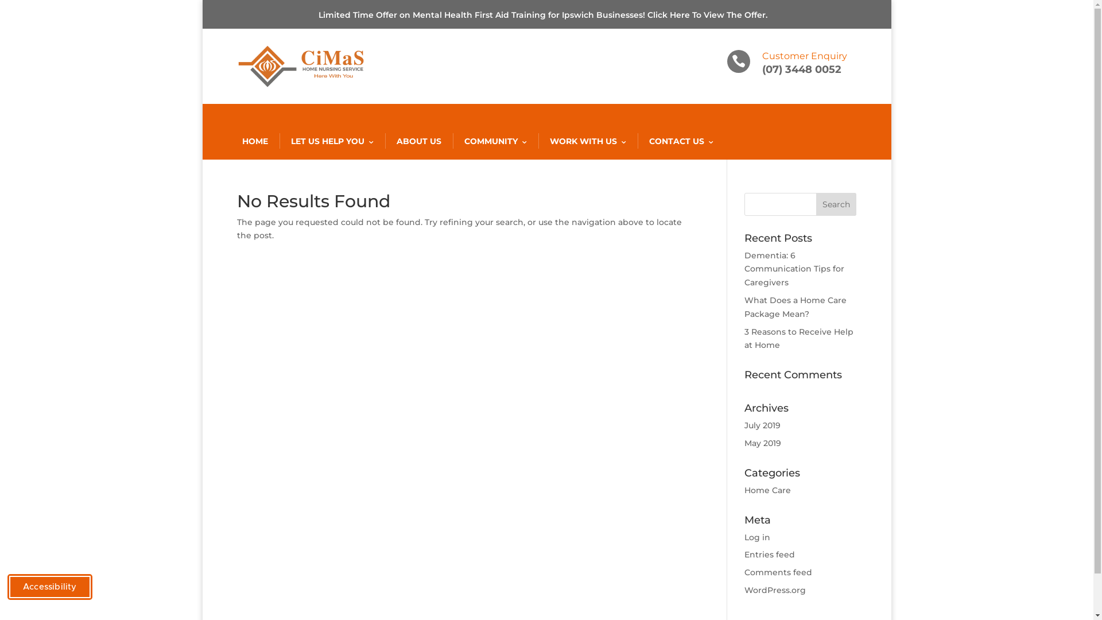 Image resolution: width=1102 pixels, height=620 pixels. I want to click on 'CONTACT US', so click(680, 141).